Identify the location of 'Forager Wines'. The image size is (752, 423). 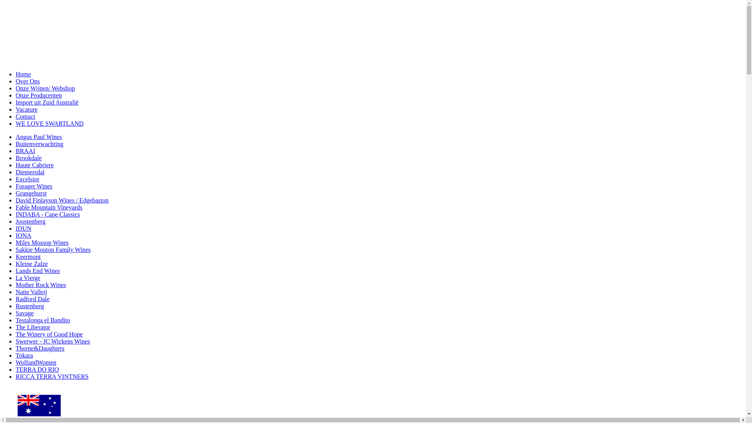
(33, 186).